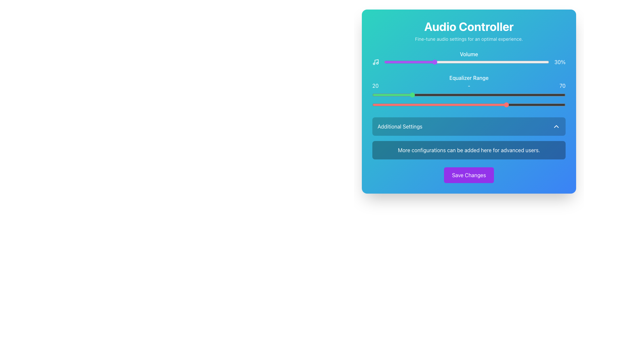 The height and width of the screenshot is (355, 631). I want to click on and drag the thumb of the Horizontal Slider Control, which is located centrally beneath the 'Volume' label, to adjust its value from the current '30%' position, so click(468, 62).